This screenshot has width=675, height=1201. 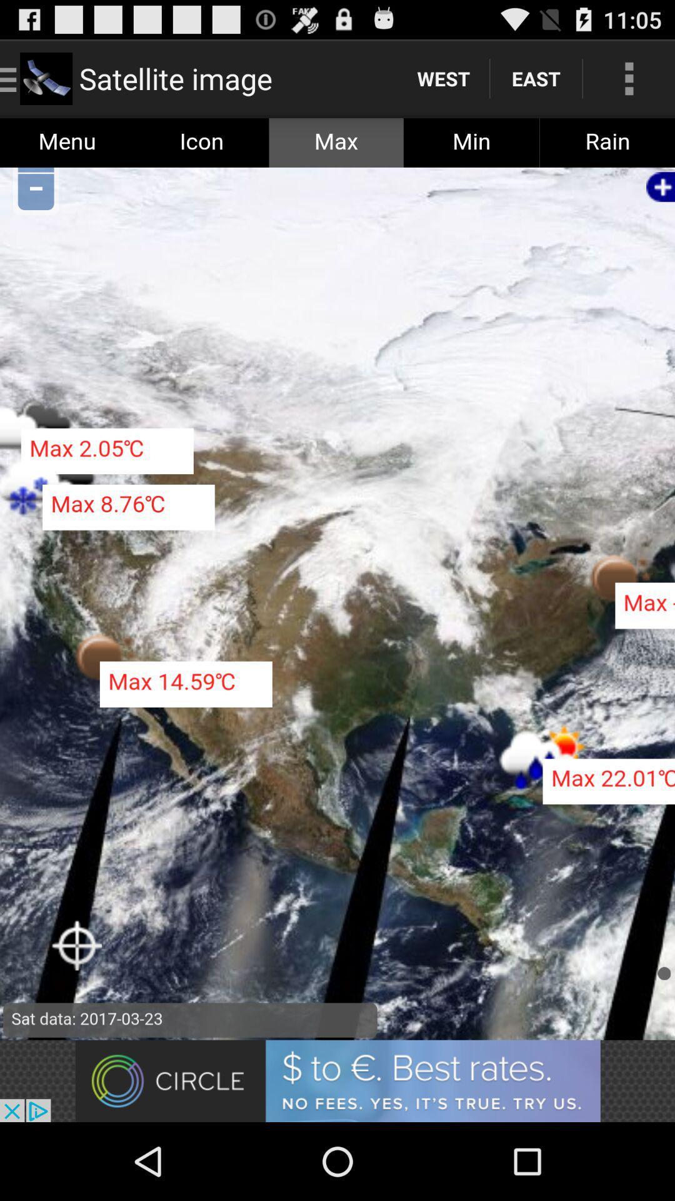 What do you see at coordinates (337, 1080) in the screenshot?
I see `showing advertisement` at bounding box center [337, 1080].